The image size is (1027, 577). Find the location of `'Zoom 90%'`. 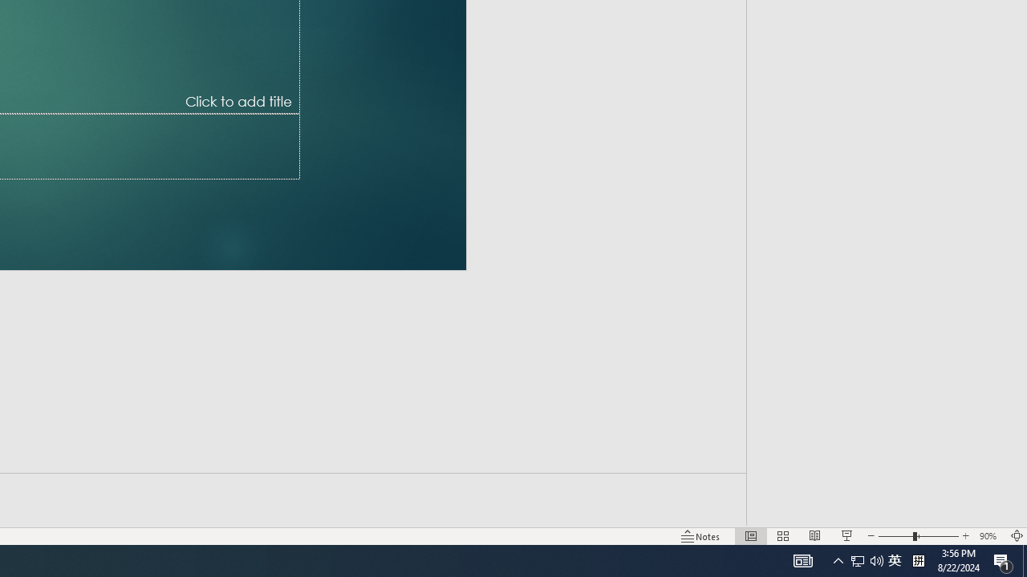

'Zoom 90%' is located at coordinates (989, 536).